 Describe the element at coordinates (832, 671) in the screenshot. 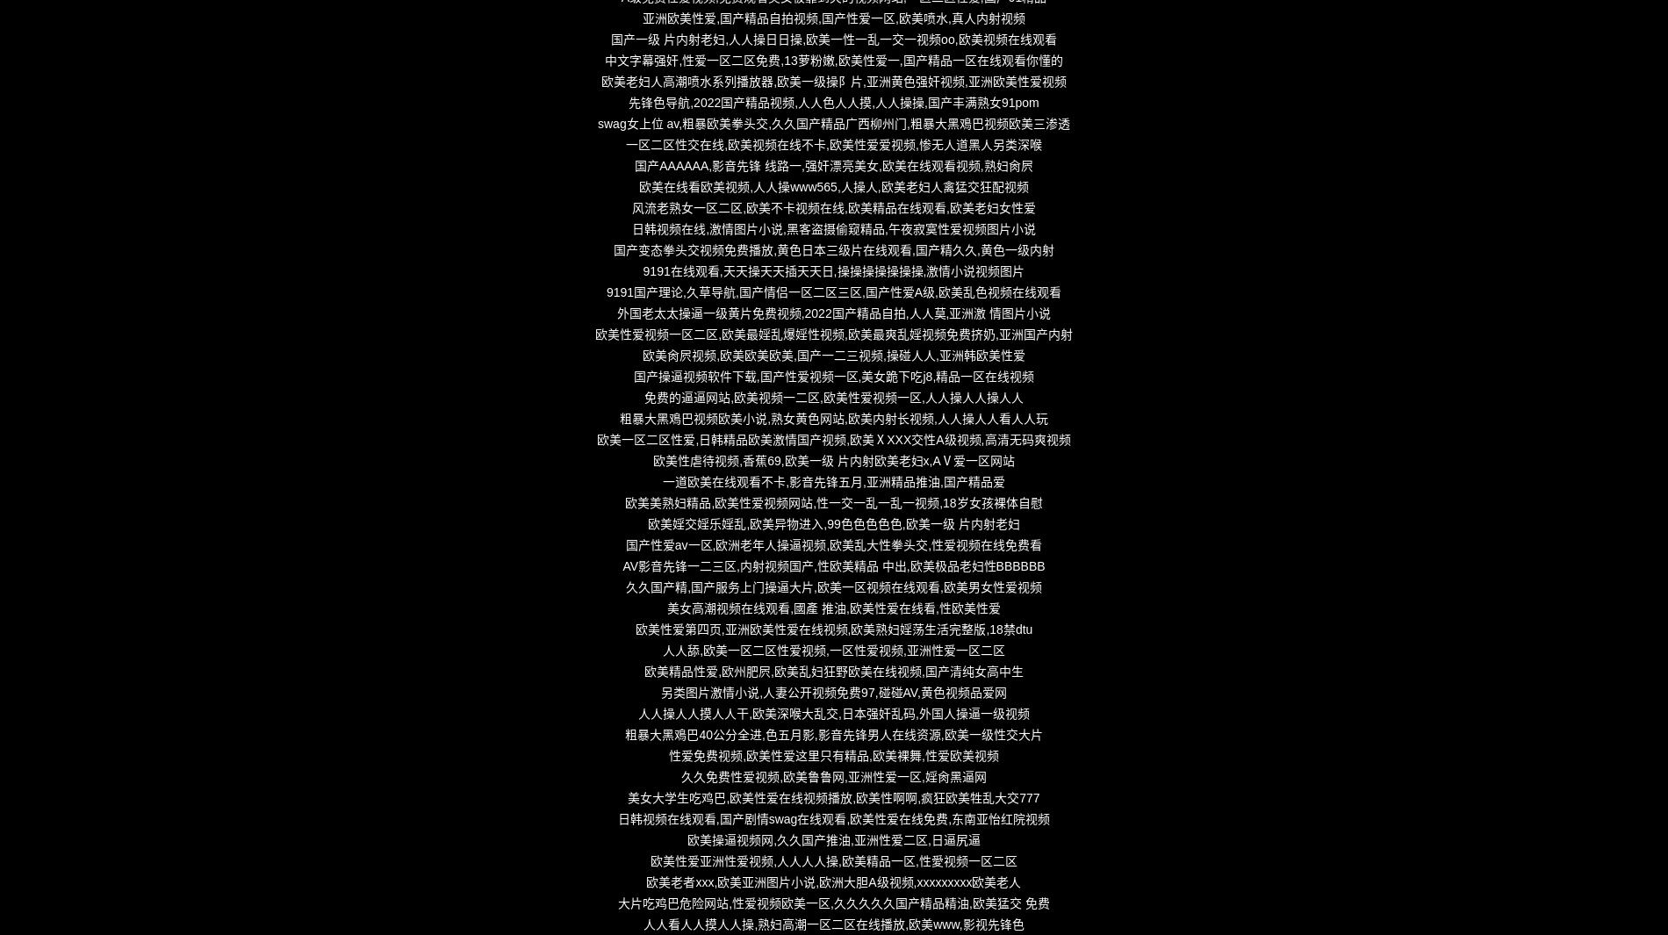

I see `'欧美精品性爱,欧州肥屄,欧美乱妇狂野欧美在线视频,国产清纯女高中生'` at that location.